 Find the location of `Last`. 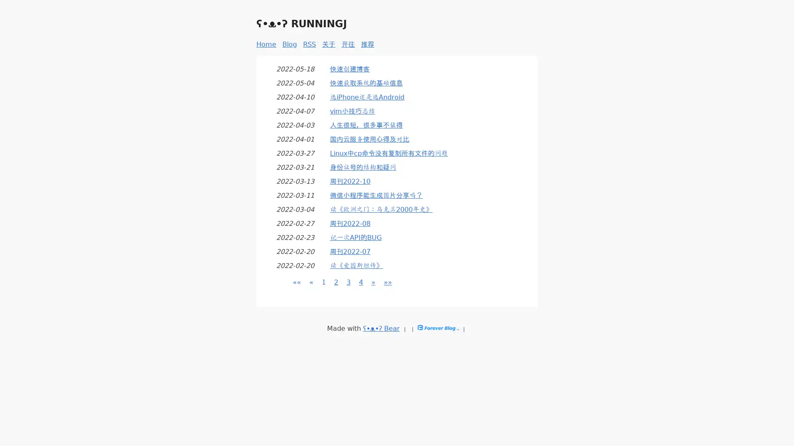

Last is located at coordinates (387, 281).